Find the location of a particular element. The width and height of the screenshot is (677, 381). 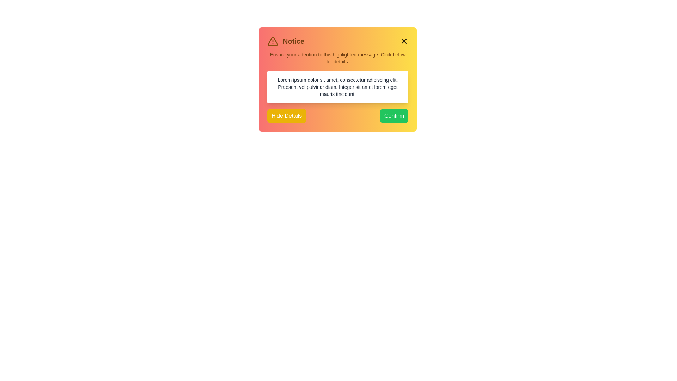

the 'Confirm' button to acknowledge the alert is located at coordinates (394, 115).